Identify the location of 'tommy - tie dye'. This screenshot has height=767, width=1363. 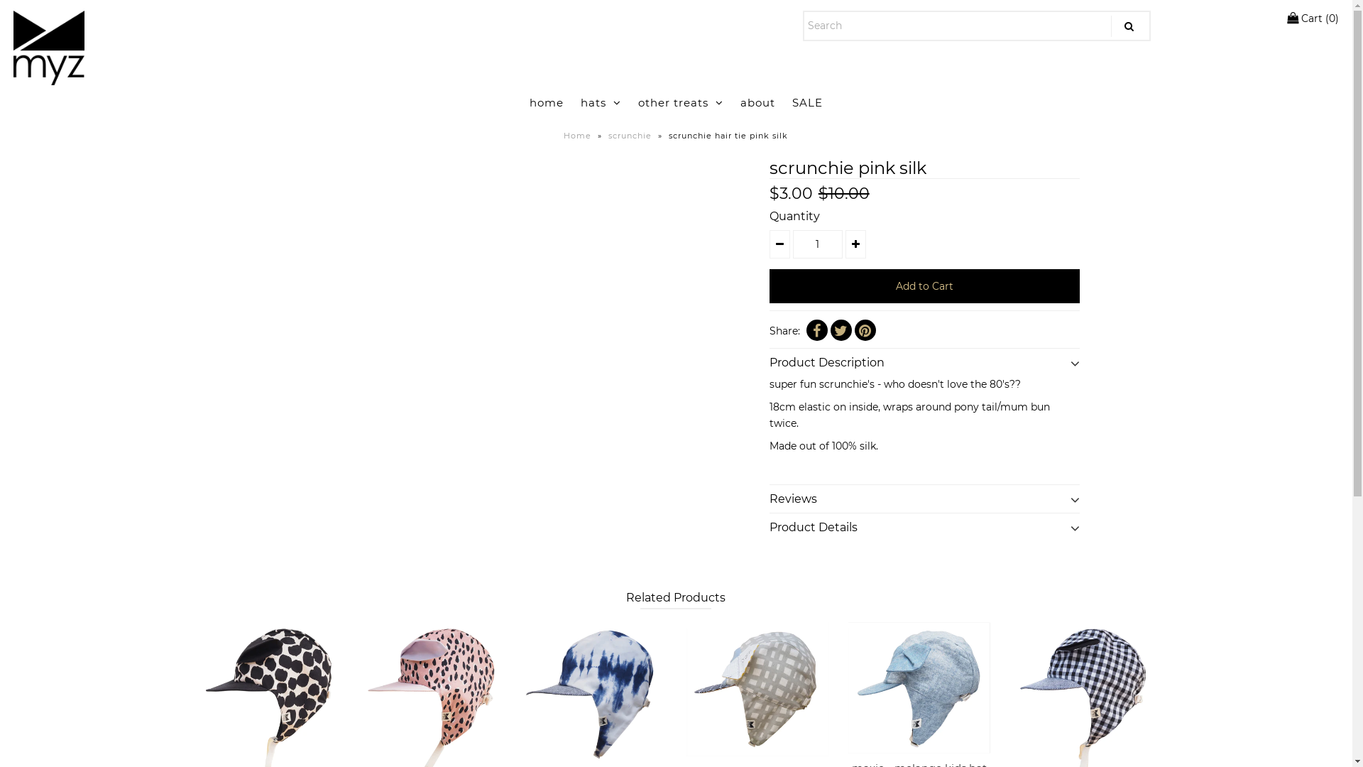
(523, 692).